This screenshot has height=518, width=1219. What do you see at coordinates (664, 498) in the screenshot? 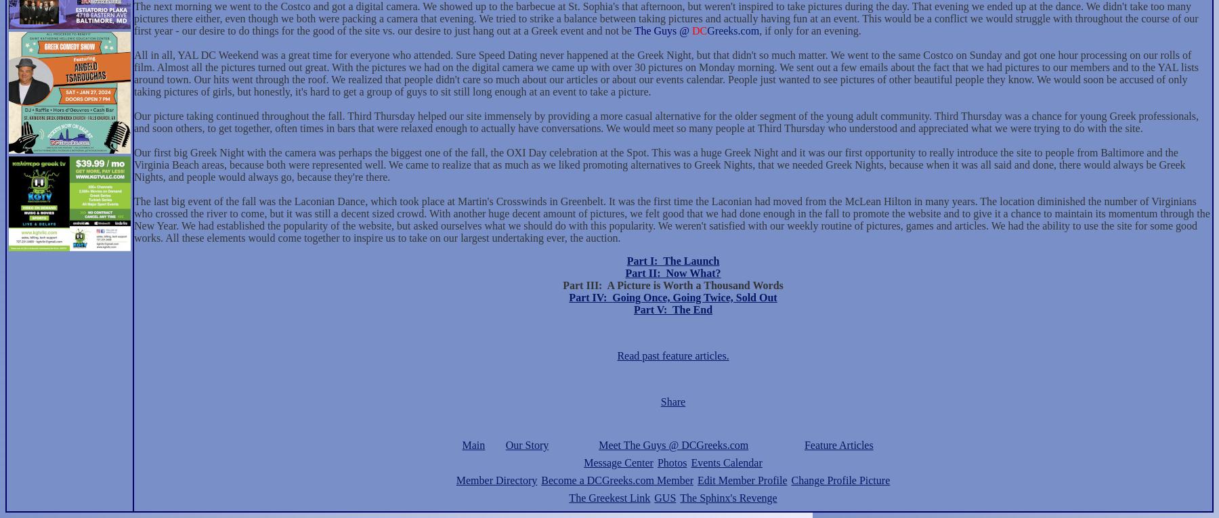
I see `'GUS'` at bounding box center [664, 498].